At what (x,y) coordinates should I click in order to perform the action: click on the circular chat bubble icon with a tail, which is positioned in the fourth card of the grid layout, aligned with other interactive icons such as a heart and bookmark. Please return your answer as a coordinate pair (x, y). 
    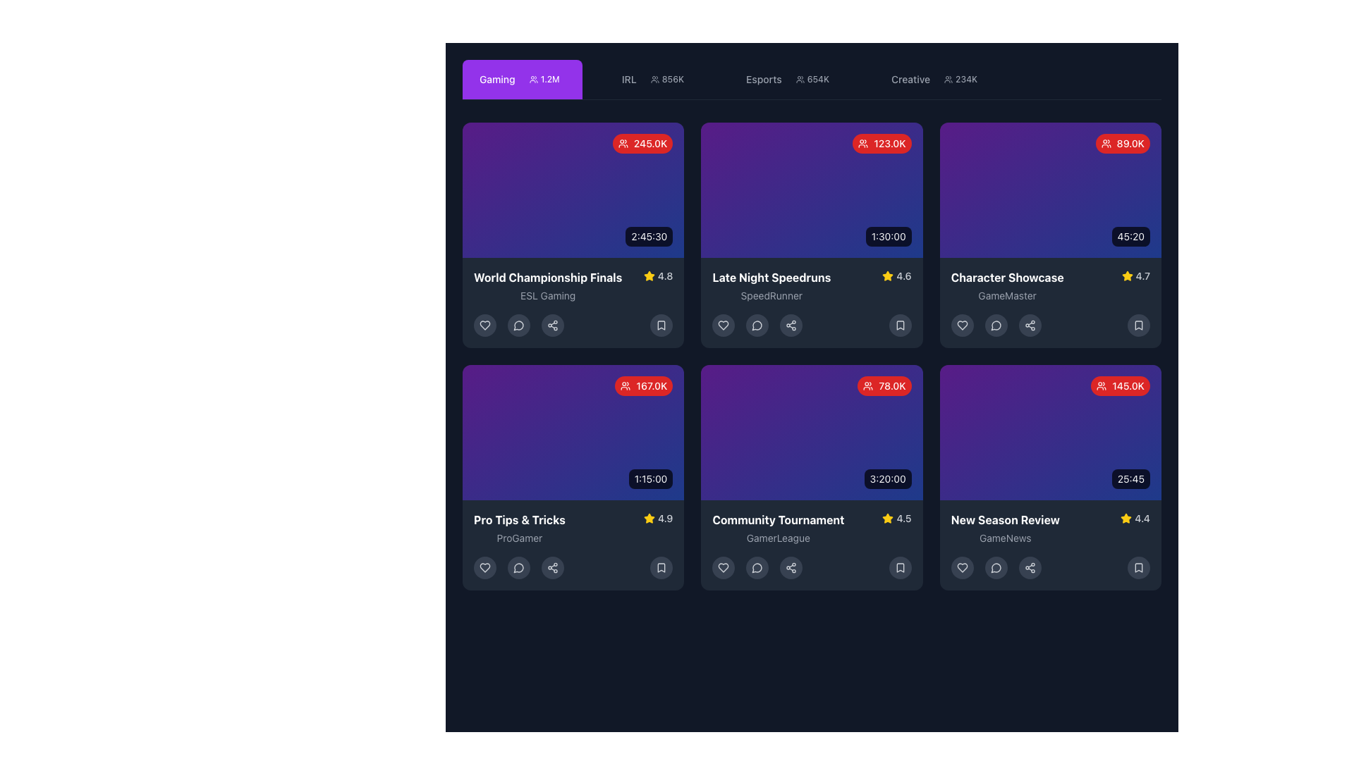
    Looking at the image, I should click on (995, 326).